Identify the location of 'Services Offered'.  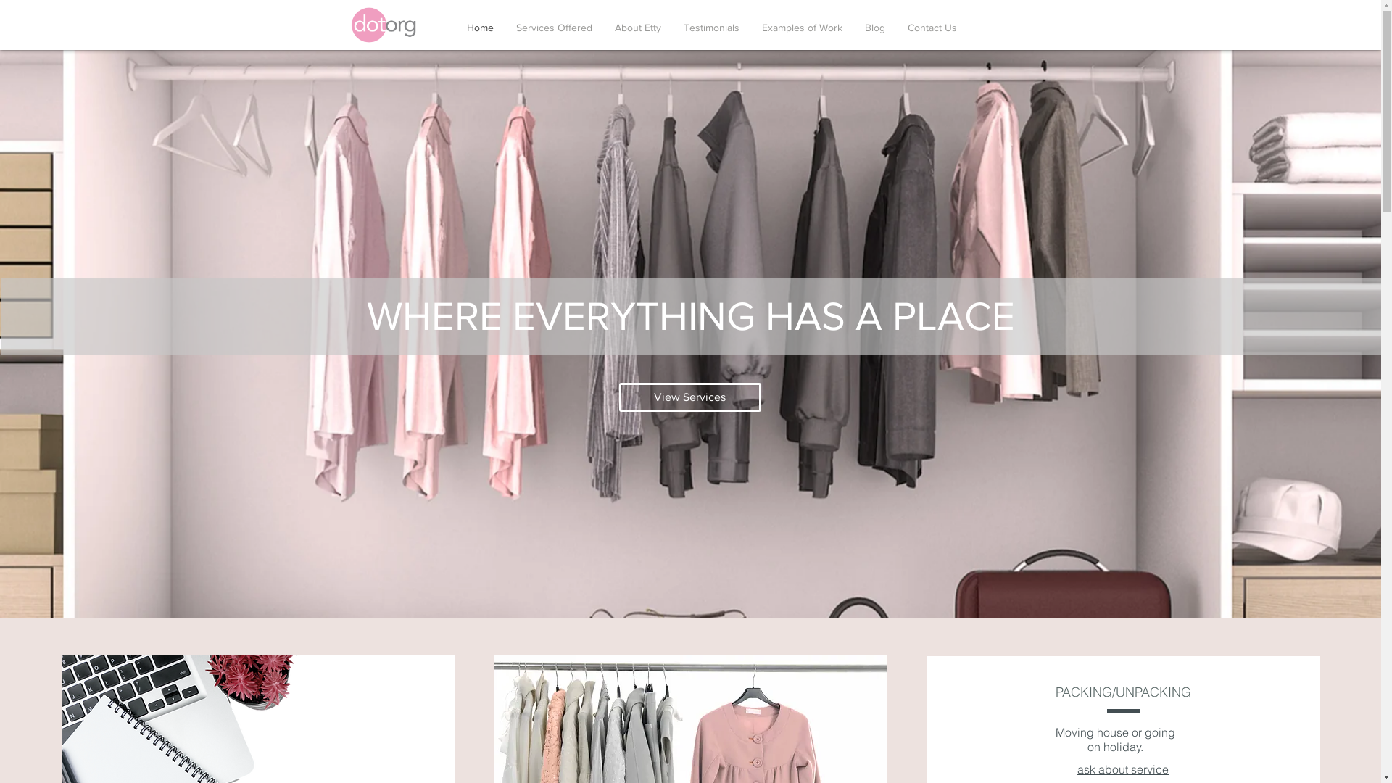
(552, 28).